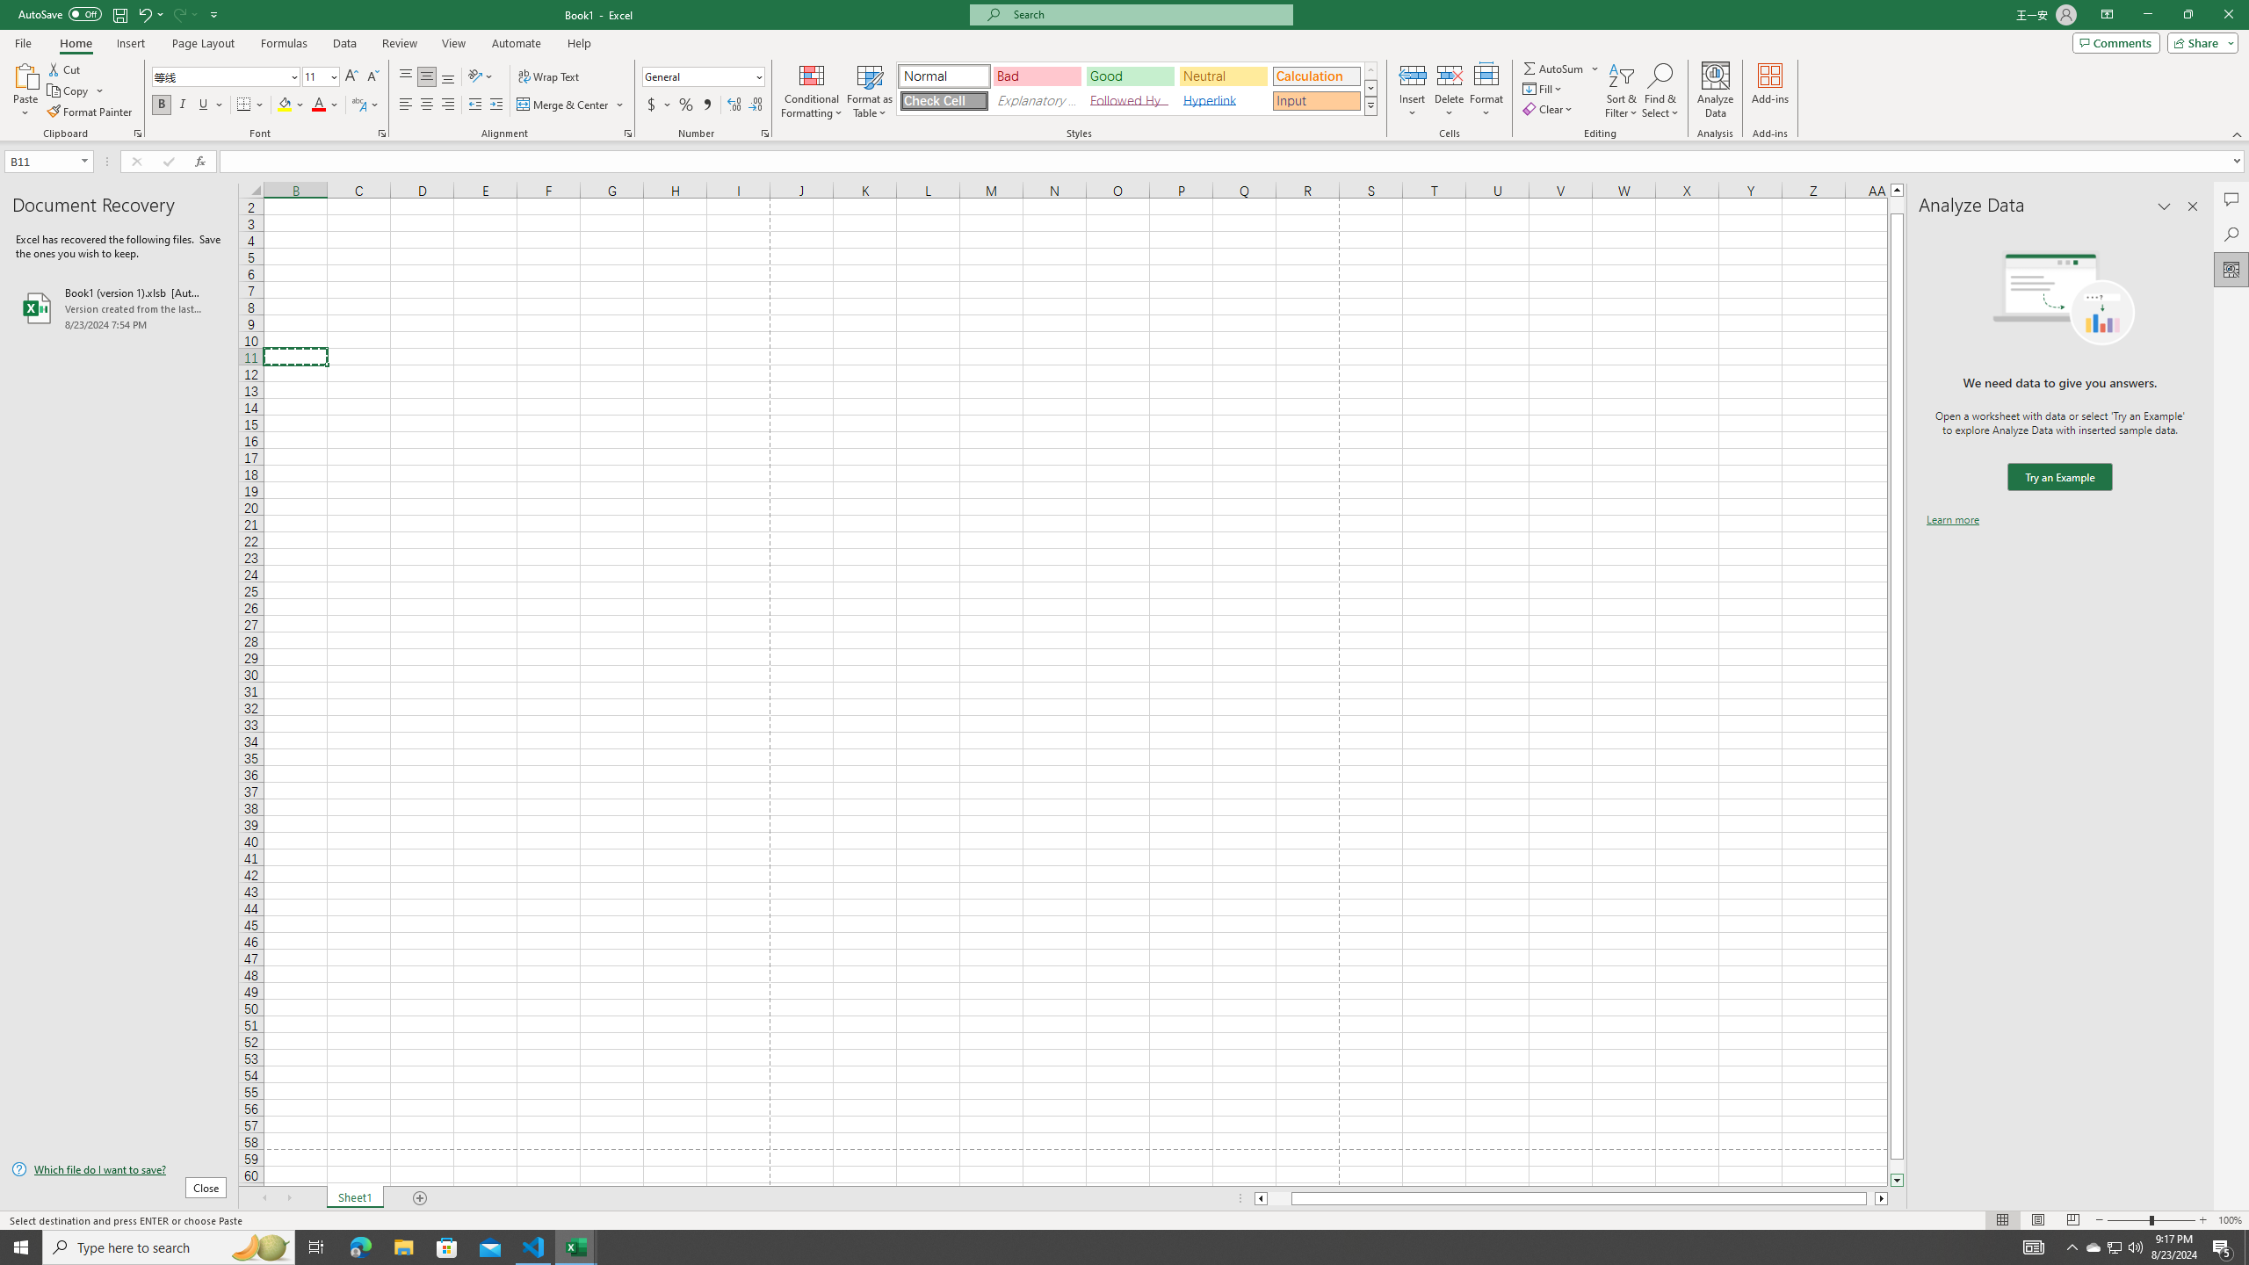 The image size is (2249, 1265). I want to click on 'Accounting Number Format', so click(659, 104).